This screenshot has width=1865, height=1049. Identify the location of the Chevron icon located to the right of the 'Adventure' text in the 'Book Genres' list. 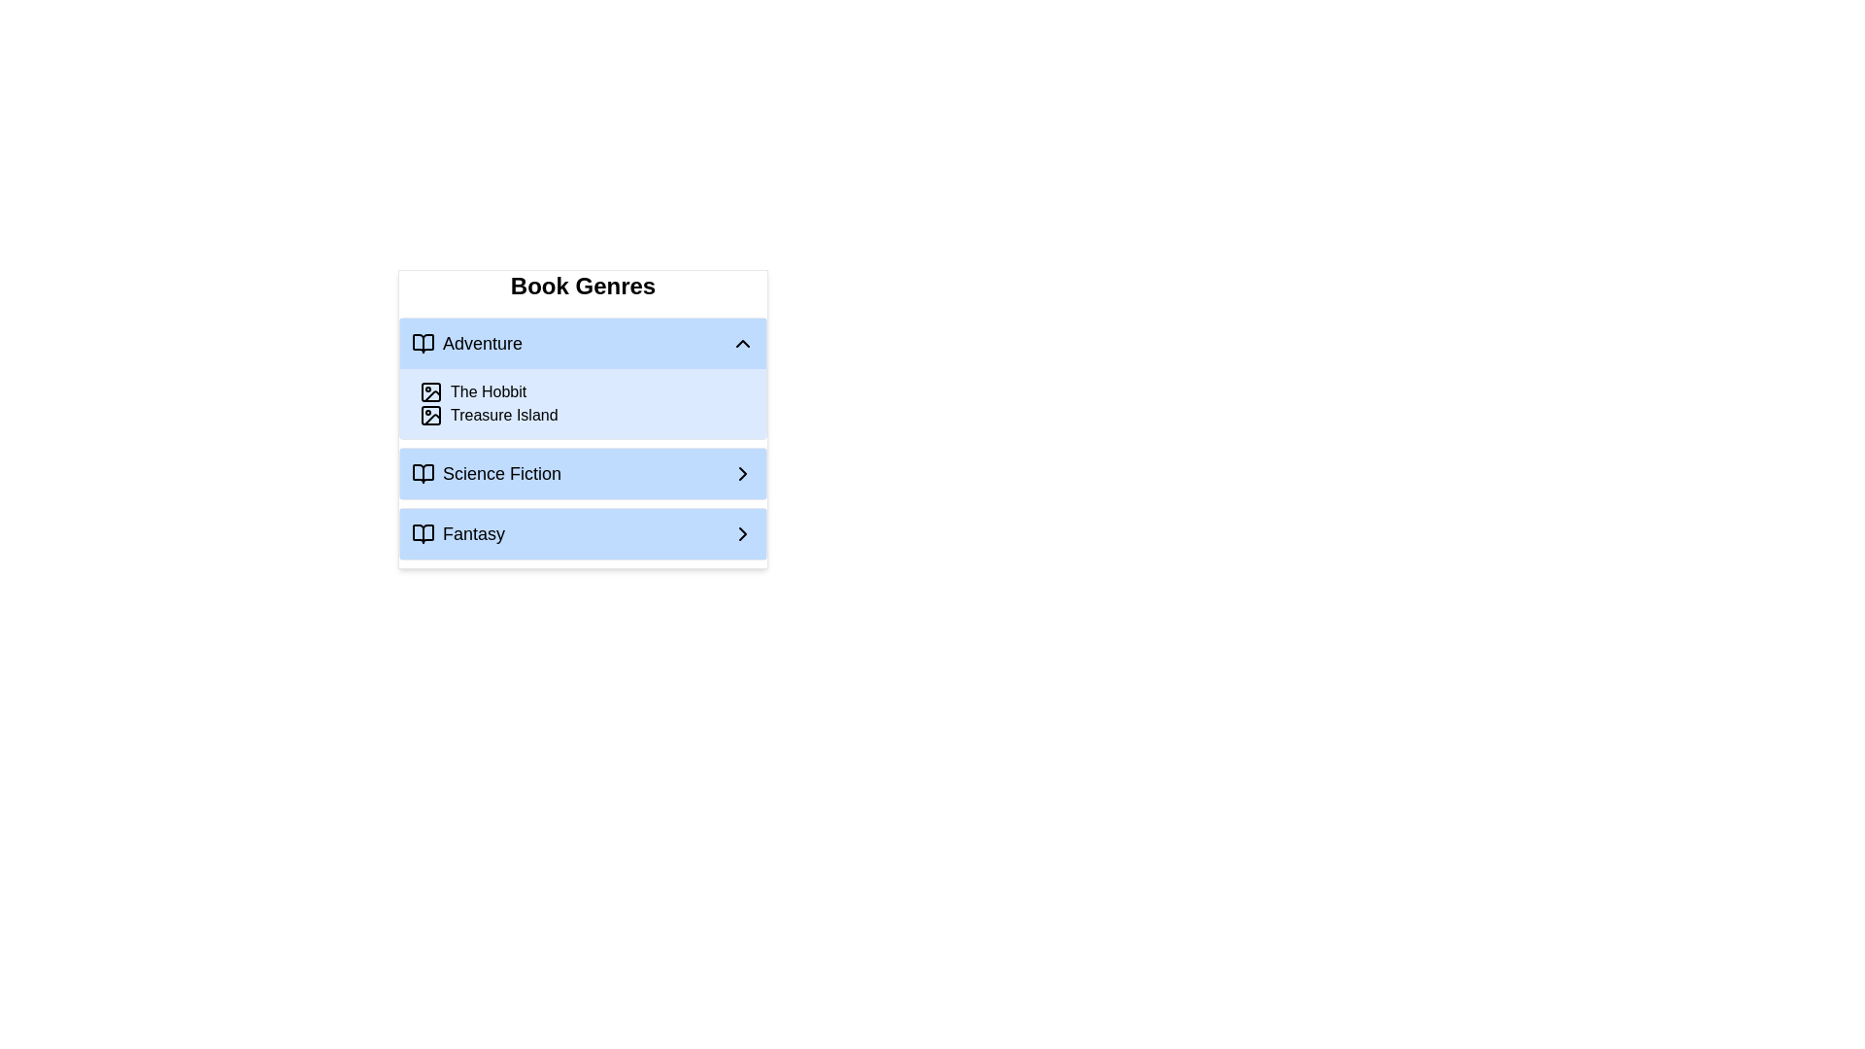
(741, 343).